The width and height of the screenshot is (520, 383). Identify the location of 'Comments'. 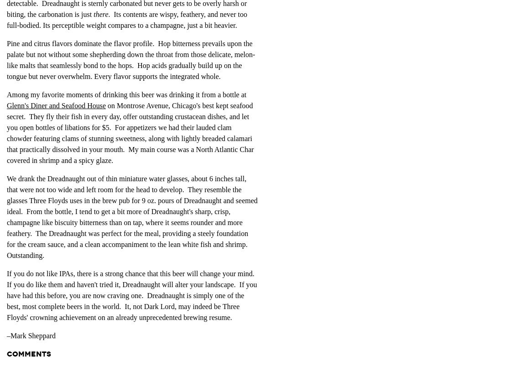
(29, 353).